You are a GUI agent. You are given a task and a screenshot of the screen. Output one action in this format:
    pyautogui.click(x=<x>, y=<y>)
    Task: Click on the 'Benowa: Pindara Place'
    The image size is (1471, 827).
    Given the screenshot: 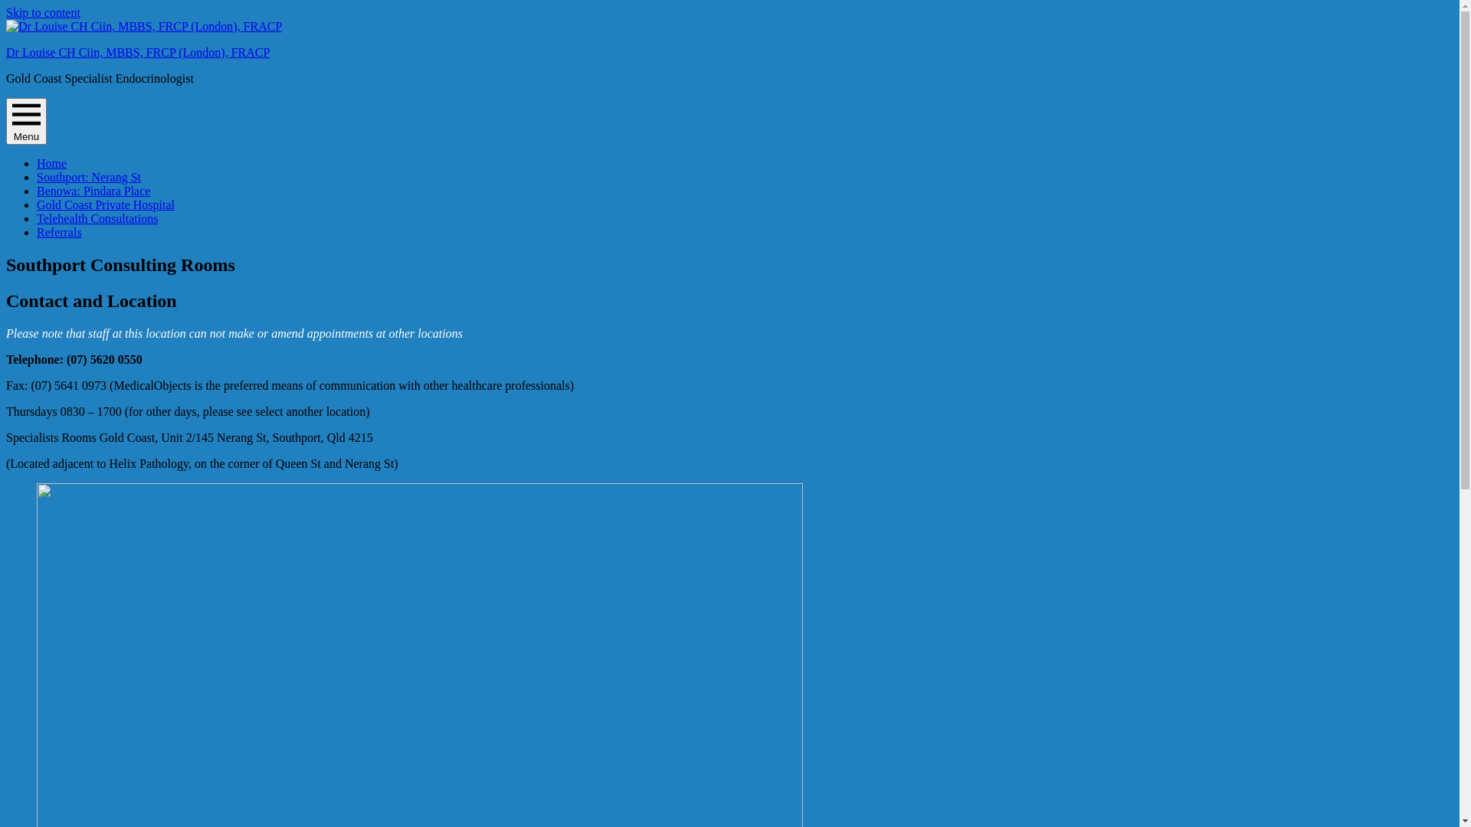 What is the action you would take?
    pyautogui.click(x=92, y=190)
    